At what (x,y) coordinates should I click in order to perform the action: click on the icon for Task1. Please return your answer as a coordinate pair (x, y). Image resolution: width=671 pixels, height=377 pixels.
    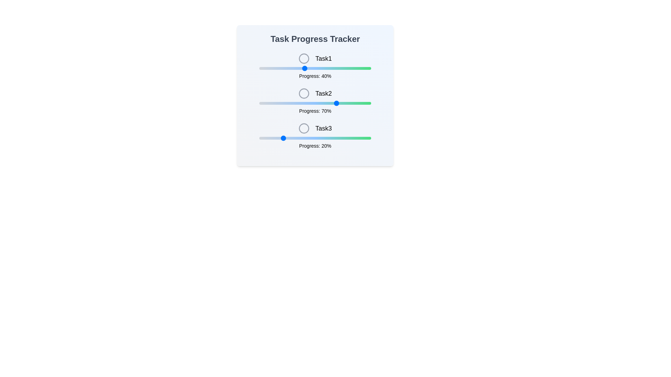
    Looking at the image, I should click on (304, 58).